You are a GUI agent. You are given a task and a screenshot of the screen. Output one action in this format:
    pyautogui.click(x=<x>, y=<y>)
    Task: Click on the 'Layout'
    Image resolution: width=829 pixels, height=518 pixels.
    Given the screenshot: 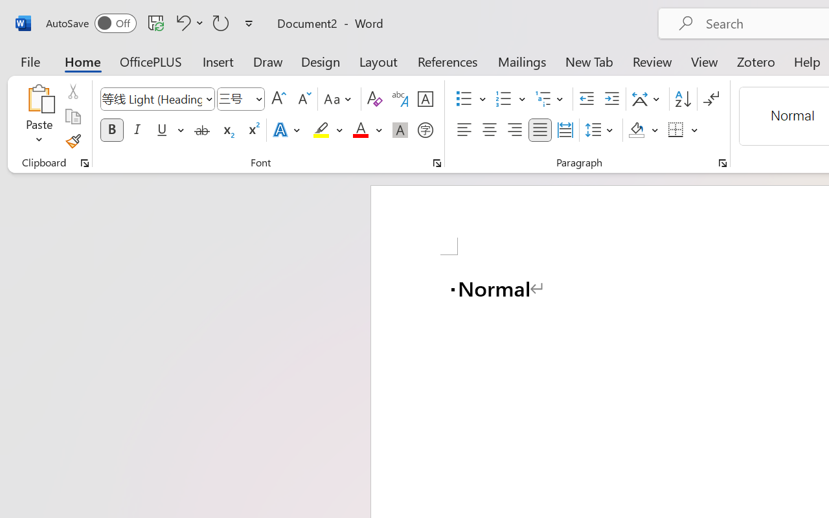 What is the action you would take?
    pyautogui.click(x=378, y=61)
    